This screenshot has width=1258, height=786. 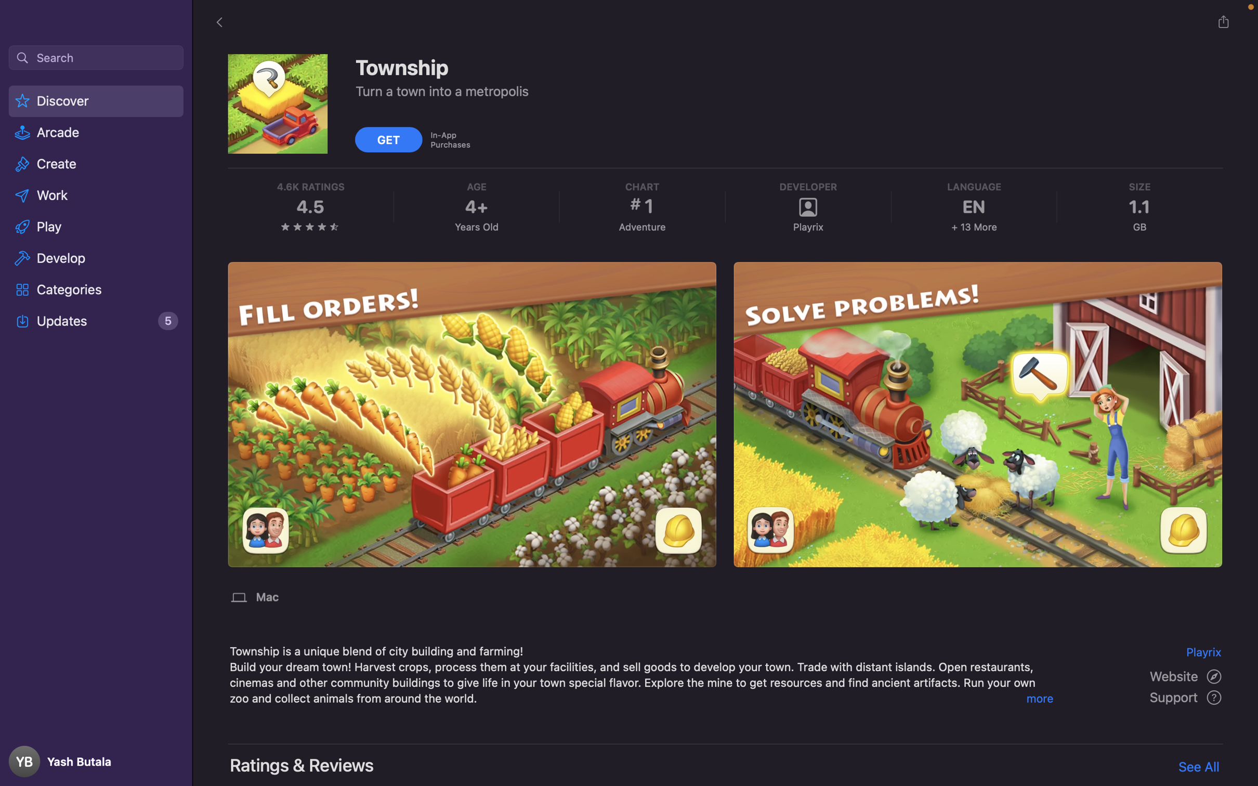 I want to click on the "get" button and then select the "In-App Purchases" option to view available in-app purchases, so click(x=389, y=138).